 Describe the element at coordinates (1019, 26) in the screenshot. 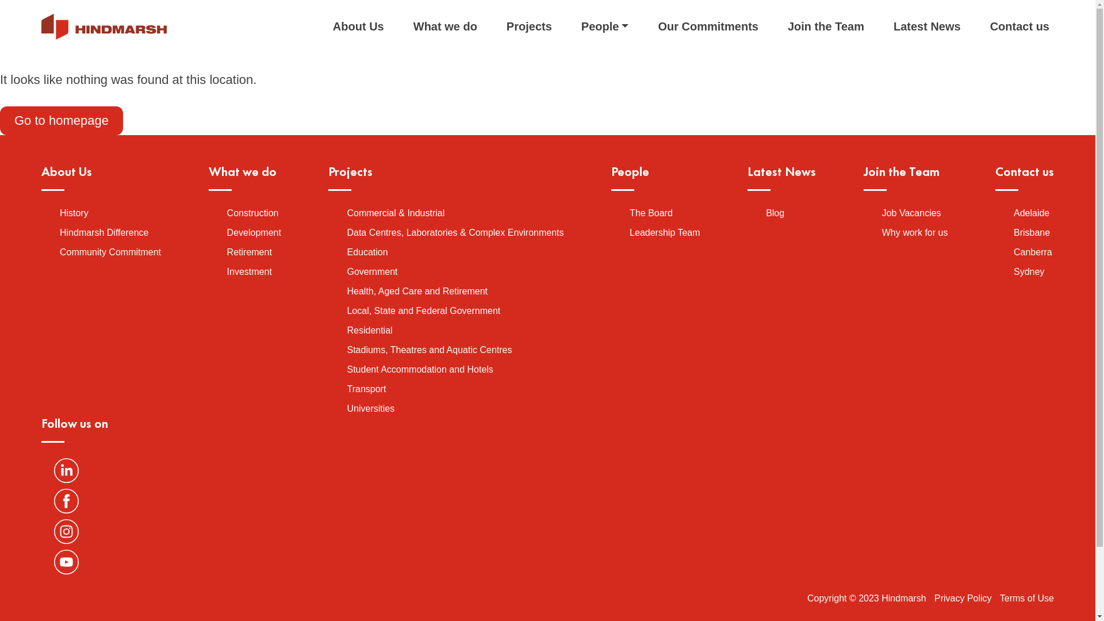

I see `'Contact us'` at that location.